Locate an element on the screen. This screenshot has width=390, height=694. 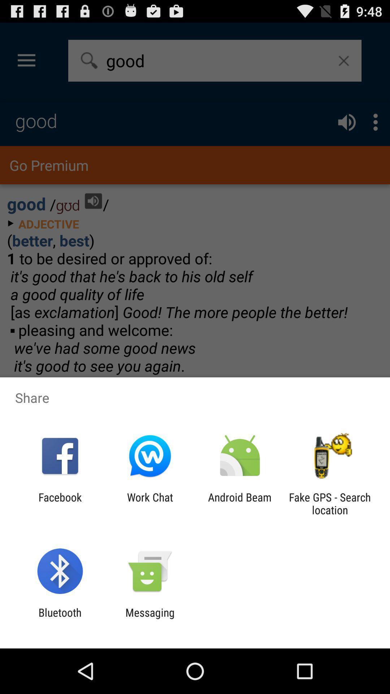
the android beam icon is located at coordinates (240, 503).